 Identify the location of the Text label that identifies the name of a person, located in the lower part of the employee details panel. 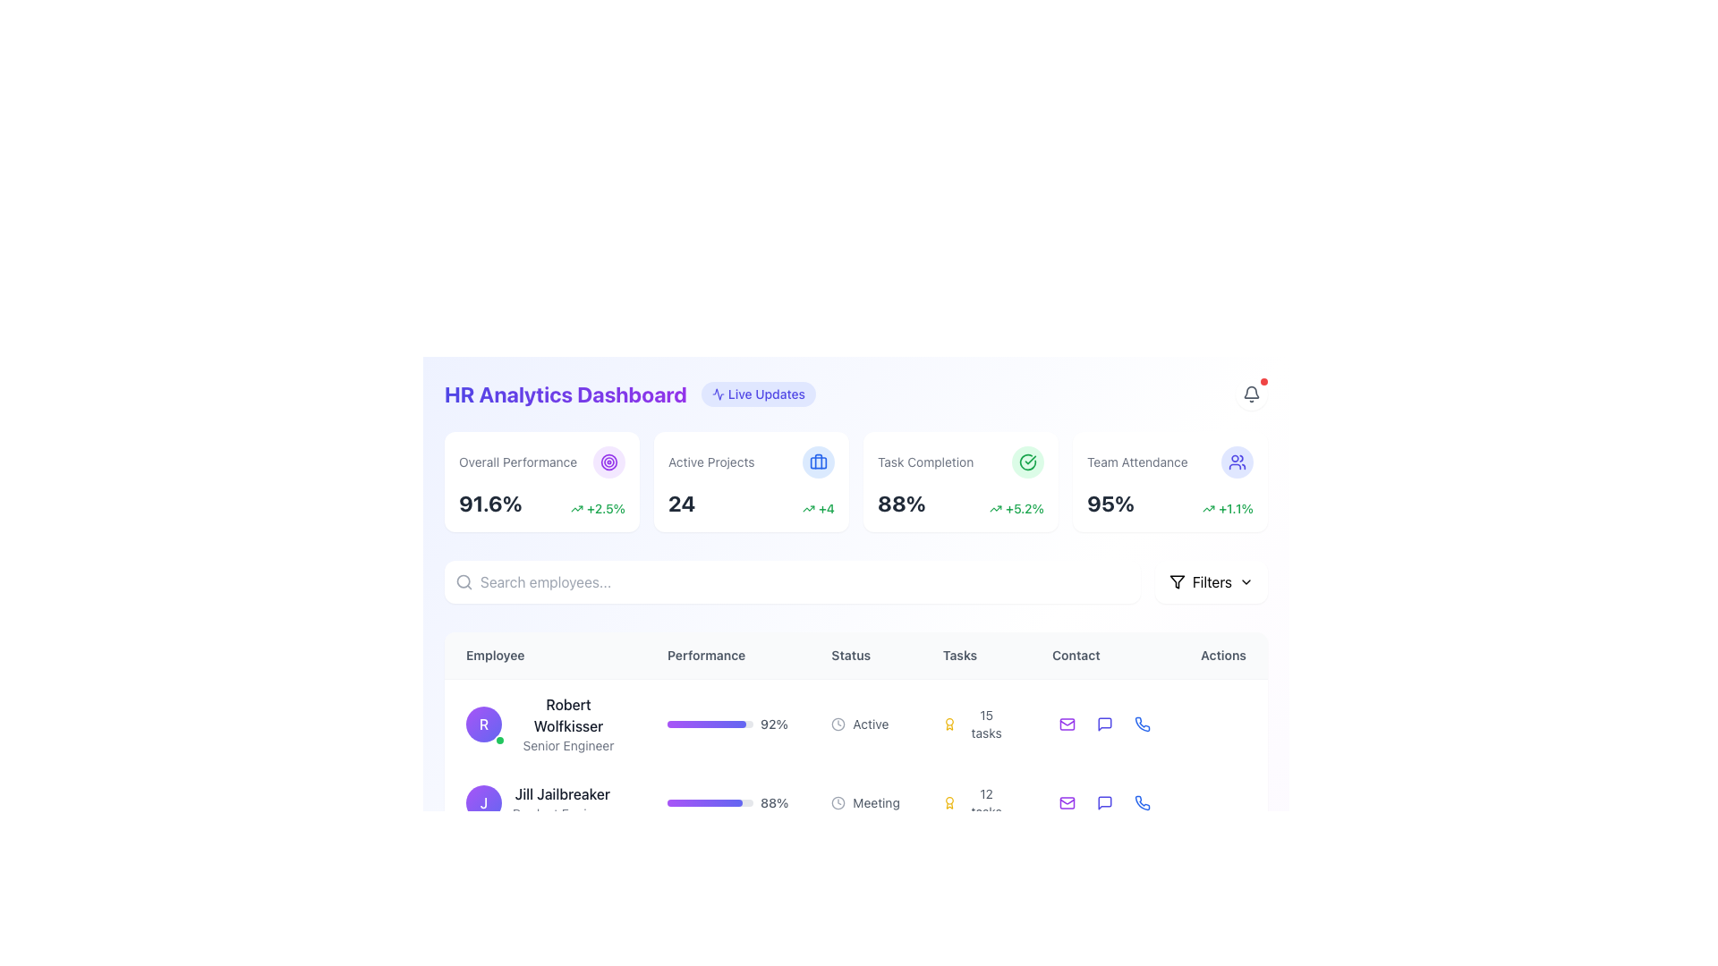
(562, 861).